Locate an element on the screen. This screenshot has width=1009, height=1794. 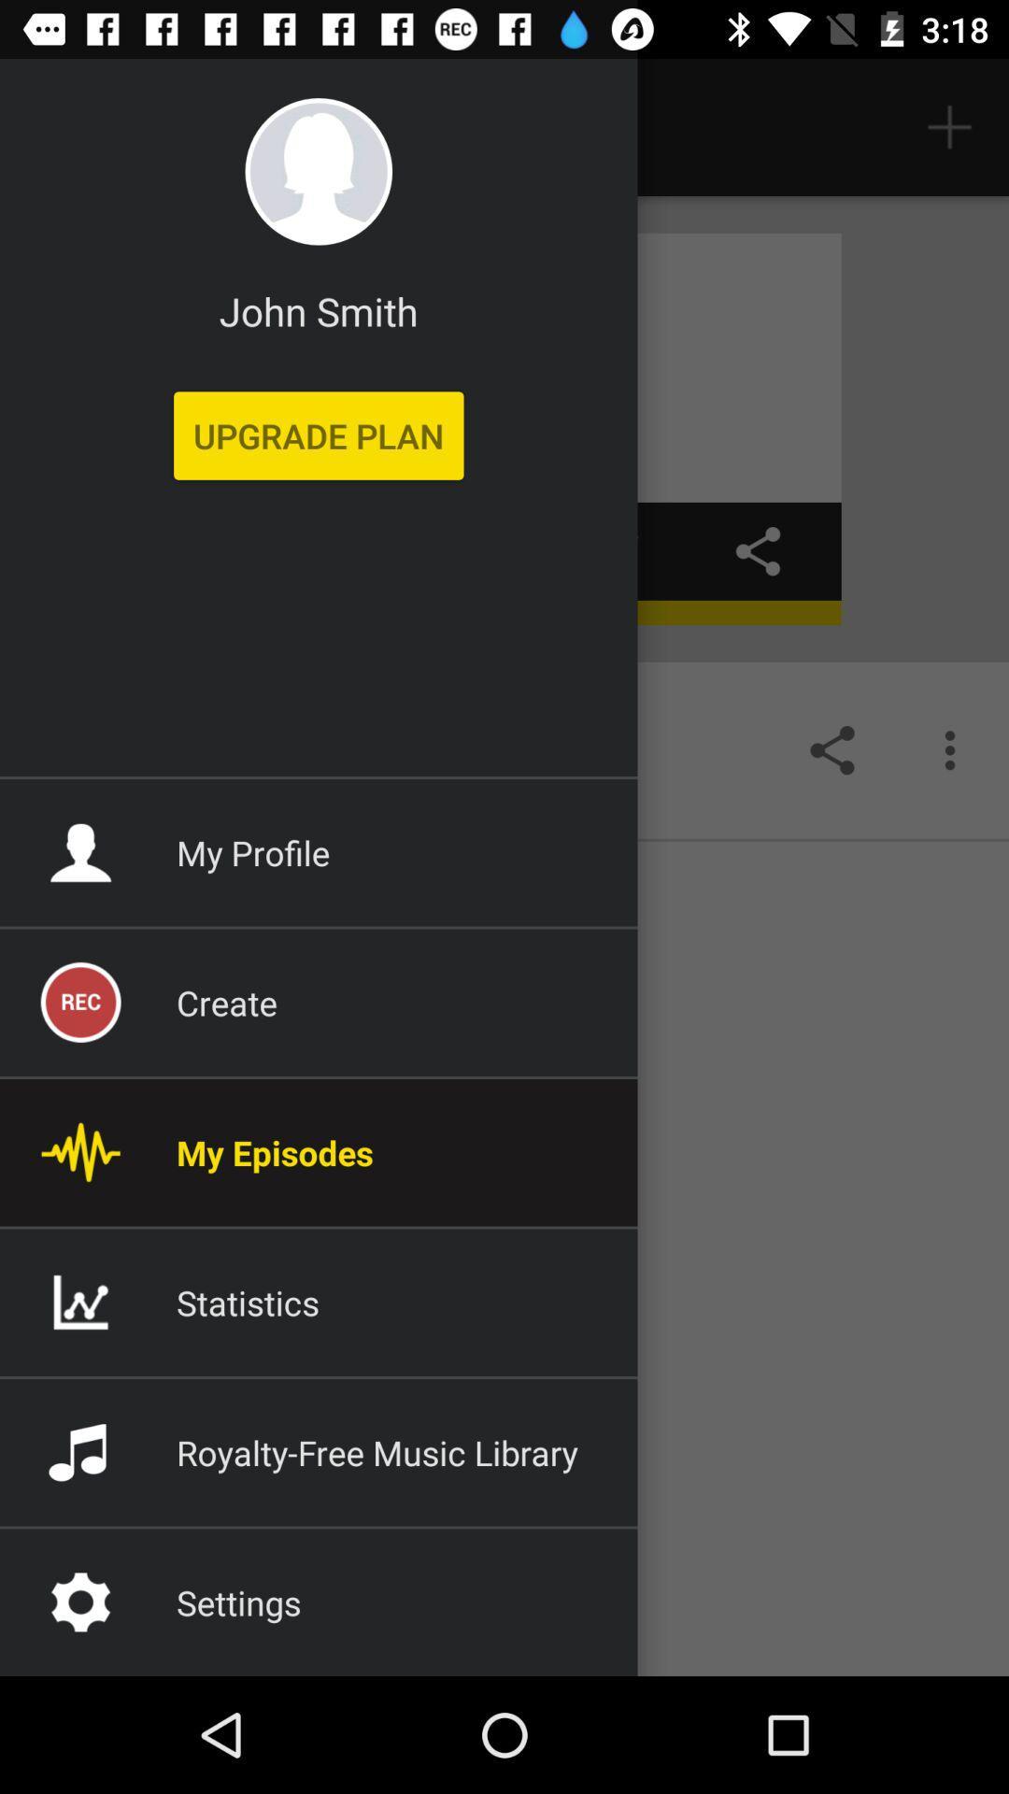
music icon which is above the settings on the left corner of the screen is located at coordinates (79, 1451).